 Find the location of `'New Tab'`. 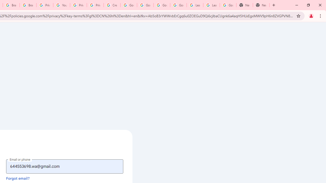

'New Tab' is located at coordinates (261, 5).